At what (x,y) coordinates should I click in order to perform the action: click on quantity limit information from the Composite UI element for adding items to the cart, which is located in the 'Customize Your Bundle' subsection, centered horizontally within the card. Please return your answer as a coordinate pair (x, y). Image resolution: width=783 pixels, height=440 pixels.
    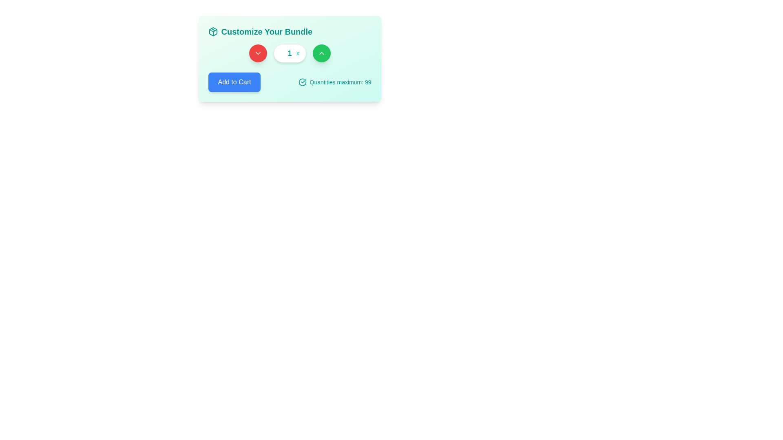
    Looking at the image, I should click on (290, 82).